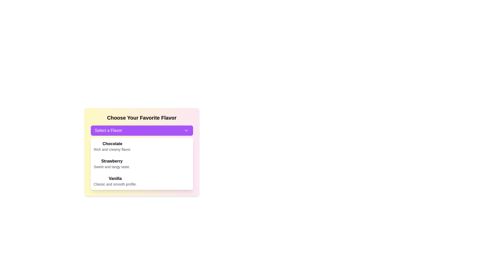  I want to click on descriptive text label that provides additional information about the 'Vanilla' flavor option, located below the 'Vanilla' flavor in the dropdown menu, so click(115, 184).